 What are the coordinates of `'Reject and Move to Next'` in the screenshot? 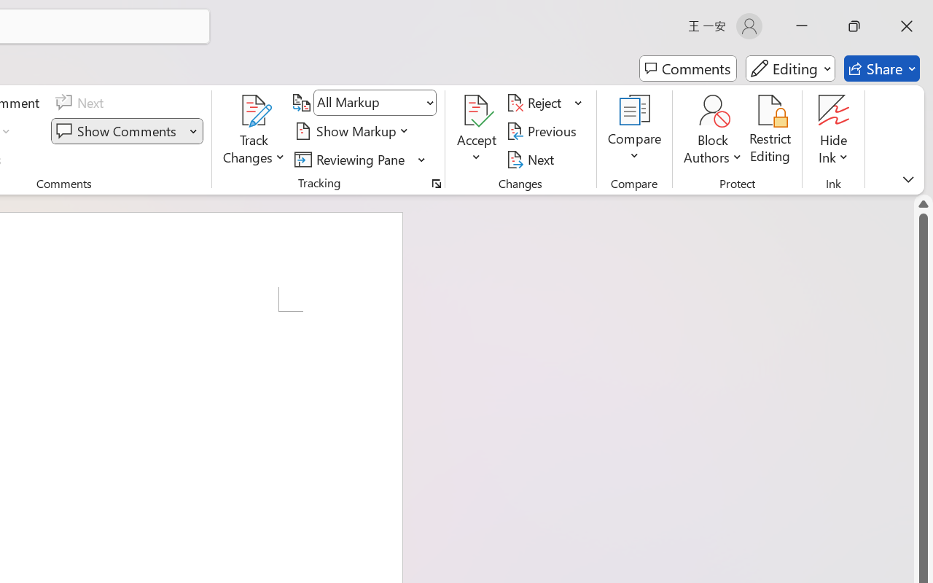 It's located at (536, 103).